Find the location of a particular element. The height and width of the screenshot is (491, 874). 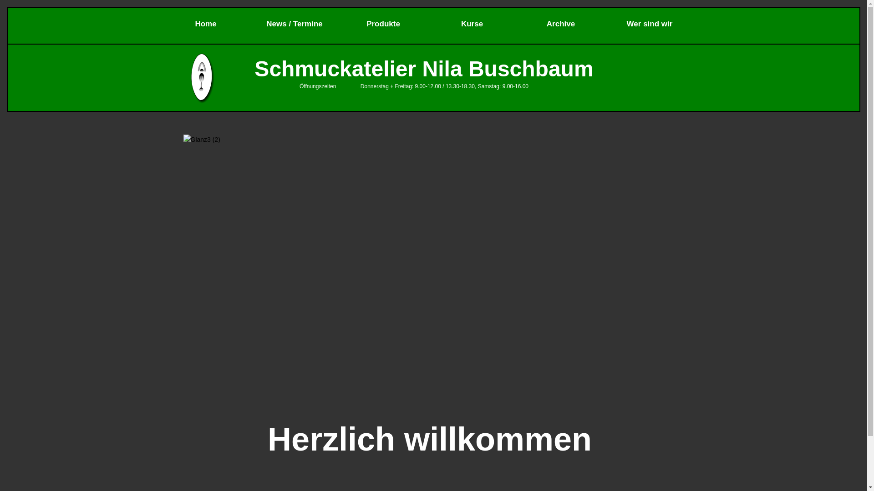

'Home' is located at coordinates (205, 22).